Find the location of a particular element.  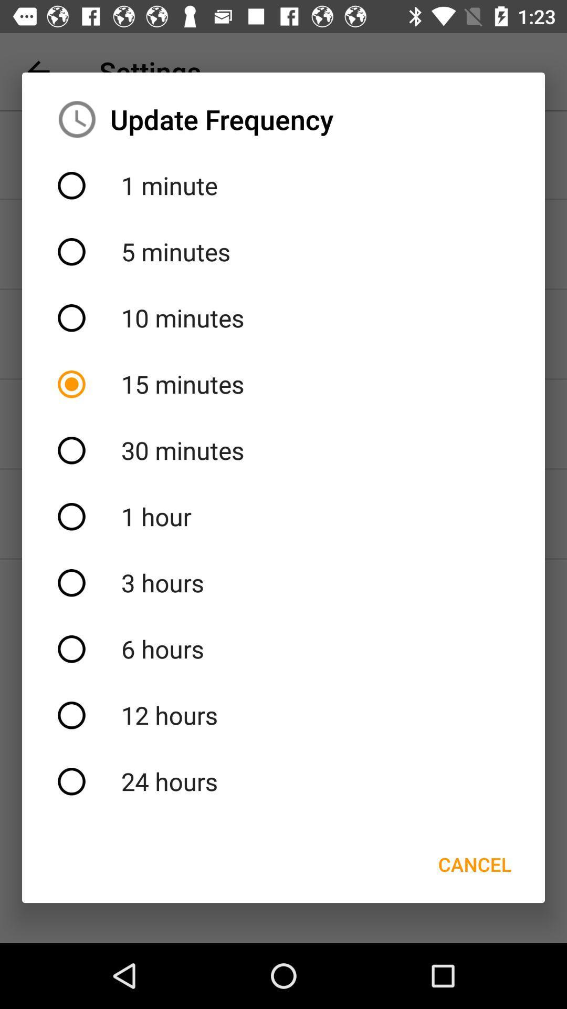

icon below 30 minutes icon is located at coordinates (283, 517).